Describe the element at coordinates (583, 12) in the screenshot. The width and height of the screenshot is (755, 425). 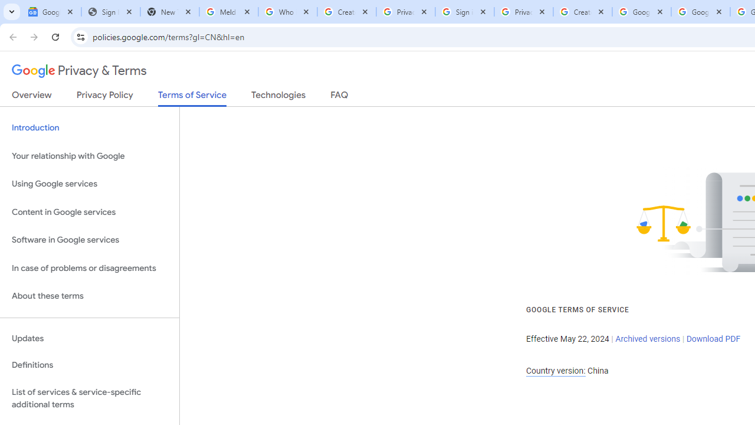
I see `'Create your Google Account'` at that location.